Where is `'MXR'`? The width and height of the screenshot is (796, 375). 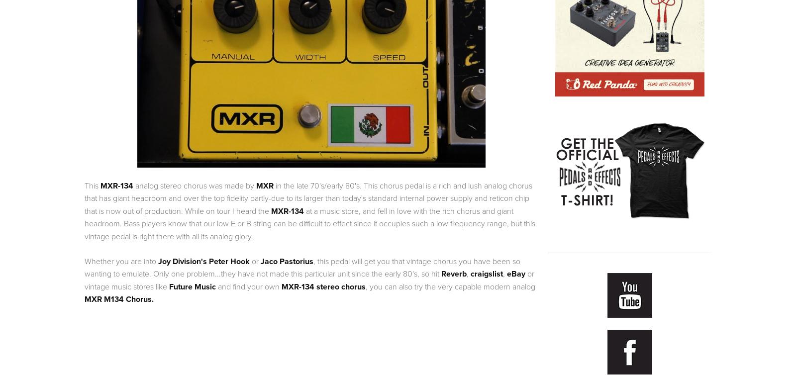 'MXR' is located at coordinates (264, 185).